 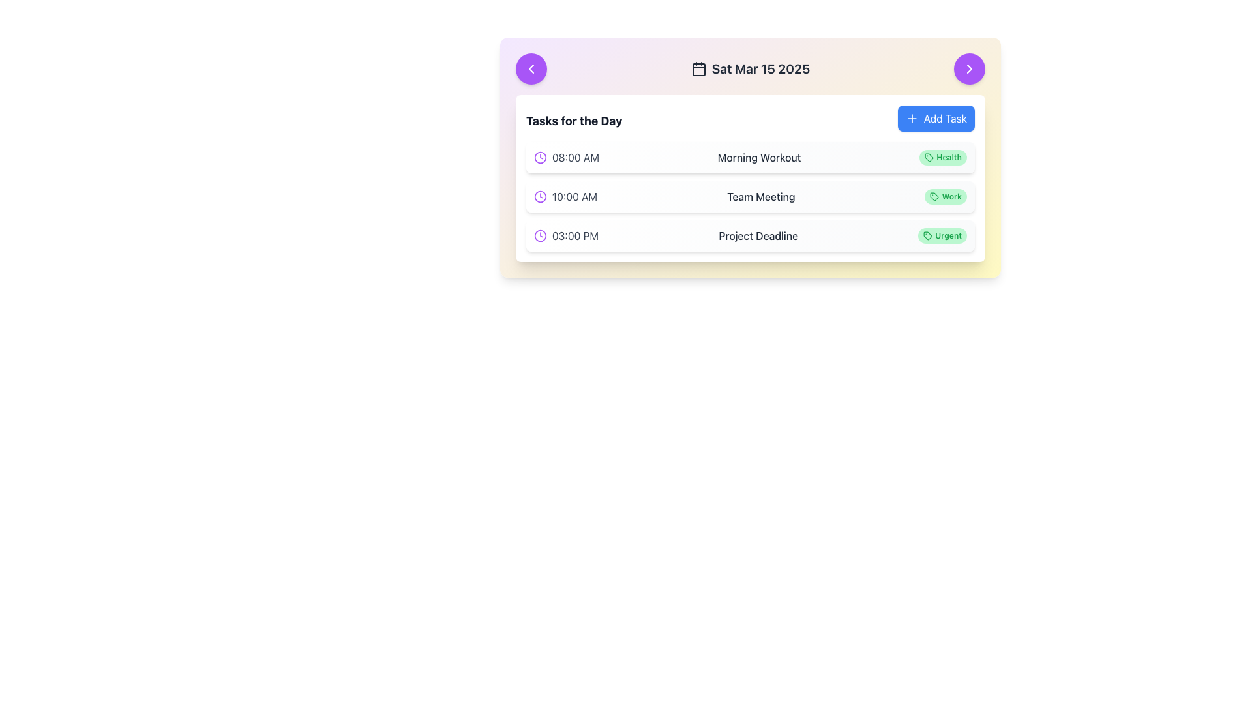 I want to click on the tag-like graphic icon located beside the text 'Urgent' in the 'Tasks for the Day' interface, so click(x=927, y=236).